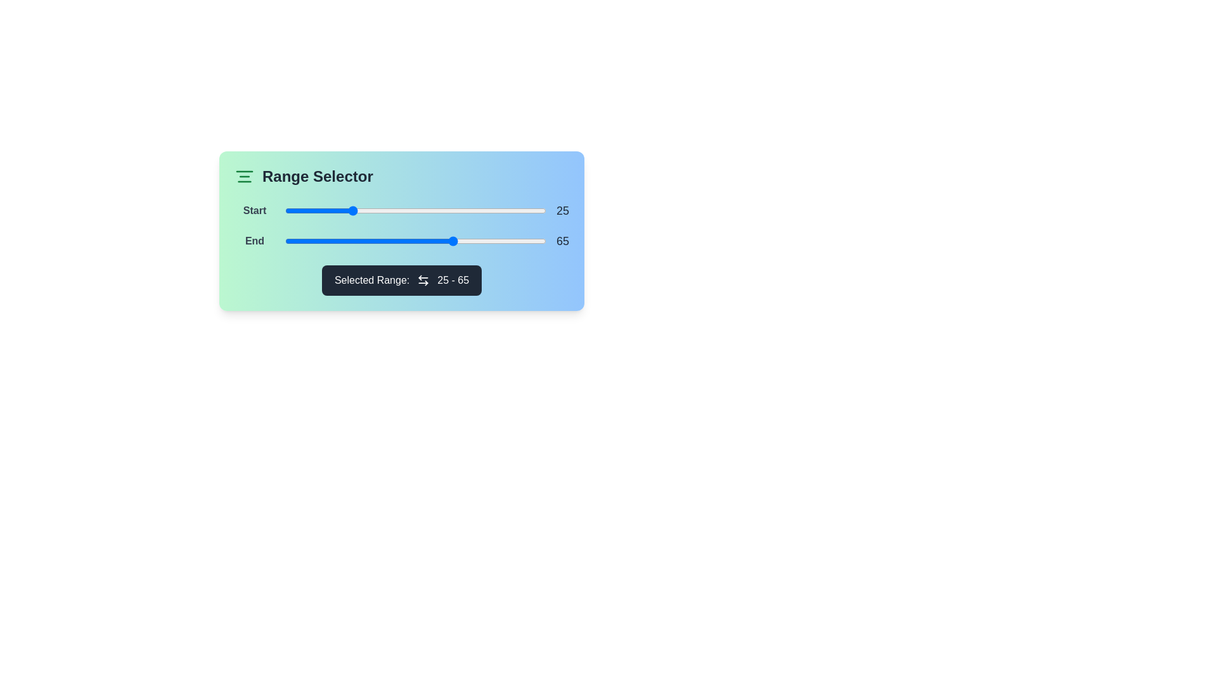 The height and width of the screenshot is (684, 1217). What do you see at coordinates (401, 210) in the screenshot?
I see `the slider to set the value to 45` at bounding box center [401, 210].